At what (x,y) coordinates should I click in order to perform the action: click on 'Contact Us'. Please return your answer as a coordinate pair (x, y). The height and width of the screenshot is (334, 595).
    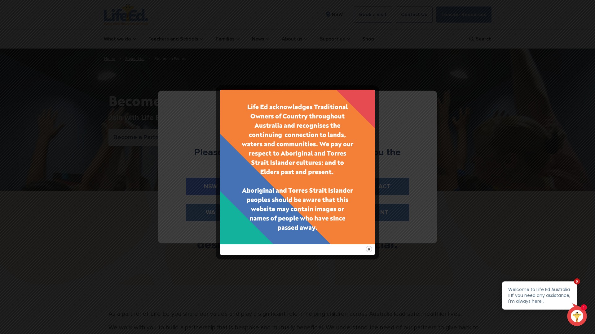
    Looking at the image, I should click on (395, 14).